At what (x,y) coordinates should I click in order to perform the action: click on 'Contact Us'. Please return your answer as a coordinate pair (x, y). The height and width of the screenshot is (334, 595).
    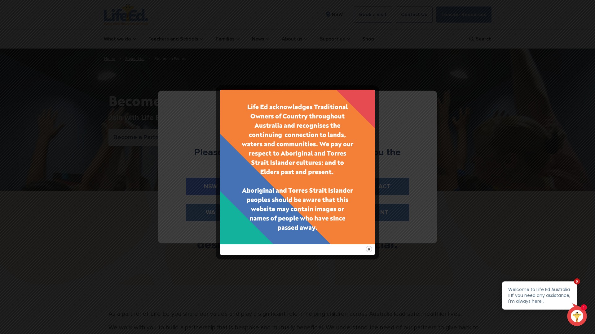
    Looking at the image, I should click on (395, 14).